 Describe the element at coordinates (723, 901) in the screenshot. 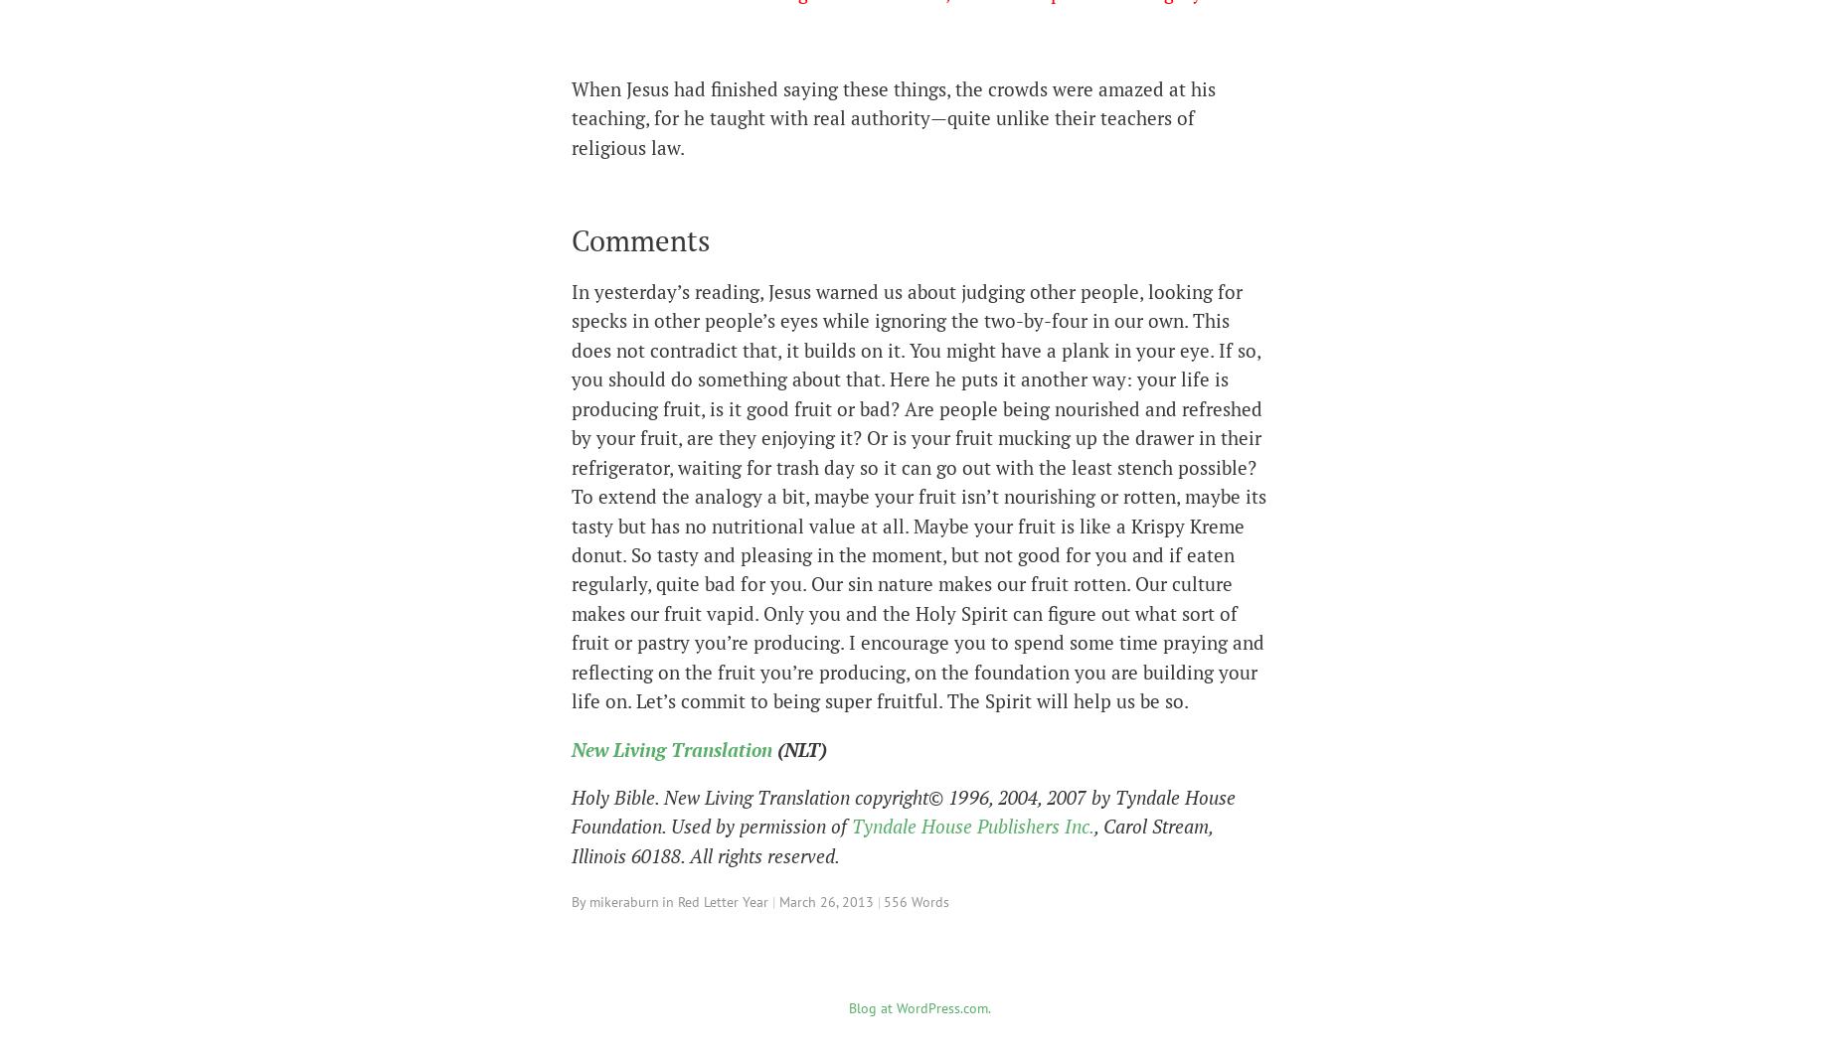

I see `'Red Letter Year'` at that location.